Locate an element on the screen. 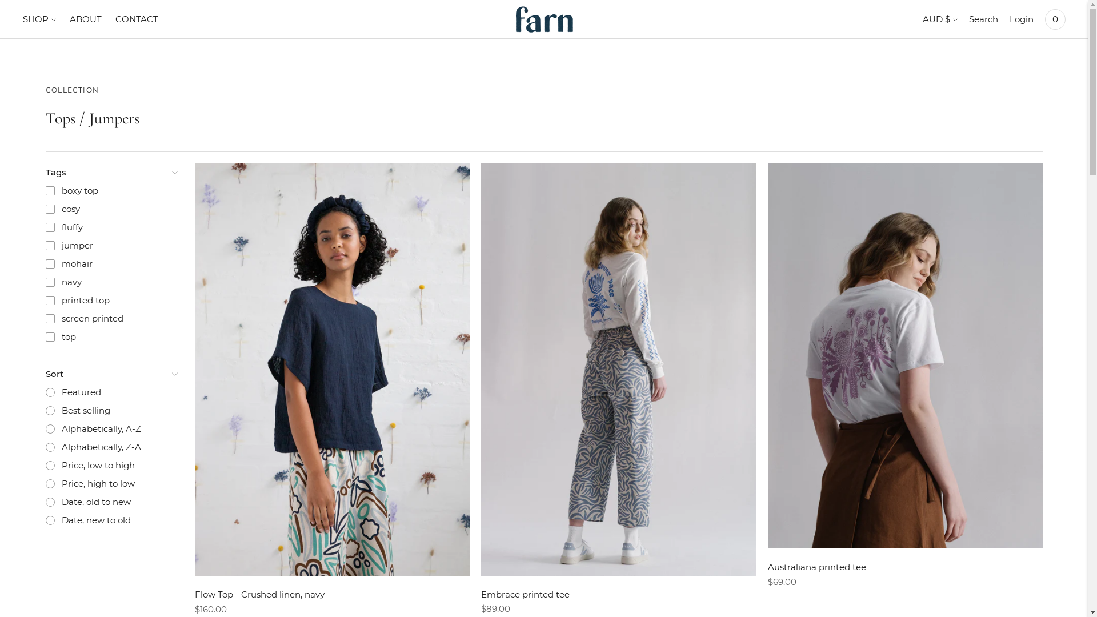 The height and width of the screenshot is (617, 1097). 'Flow Top - Crushed linen, navy' is located at coordinates (259, 594).